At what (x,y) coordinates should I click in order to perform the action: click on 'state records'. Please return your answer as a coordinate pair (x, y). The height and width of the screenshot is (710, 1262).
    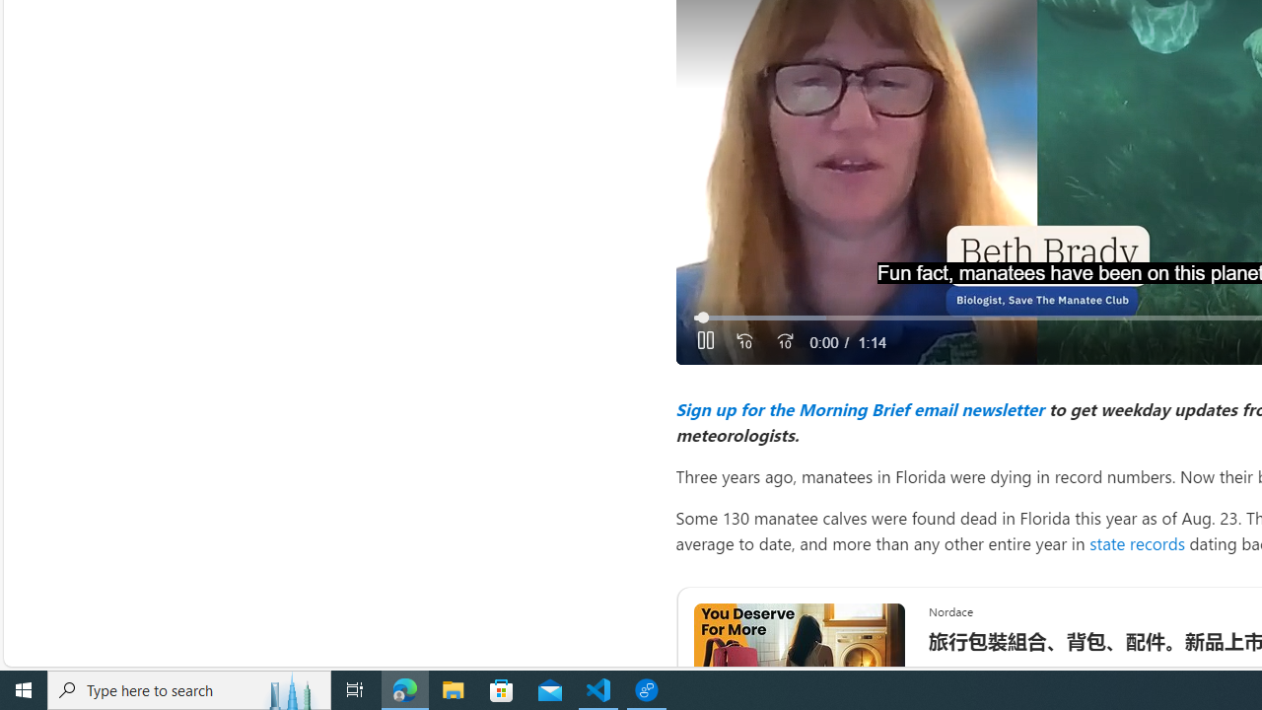
    Looking at the image, I should click on (1137, 542).